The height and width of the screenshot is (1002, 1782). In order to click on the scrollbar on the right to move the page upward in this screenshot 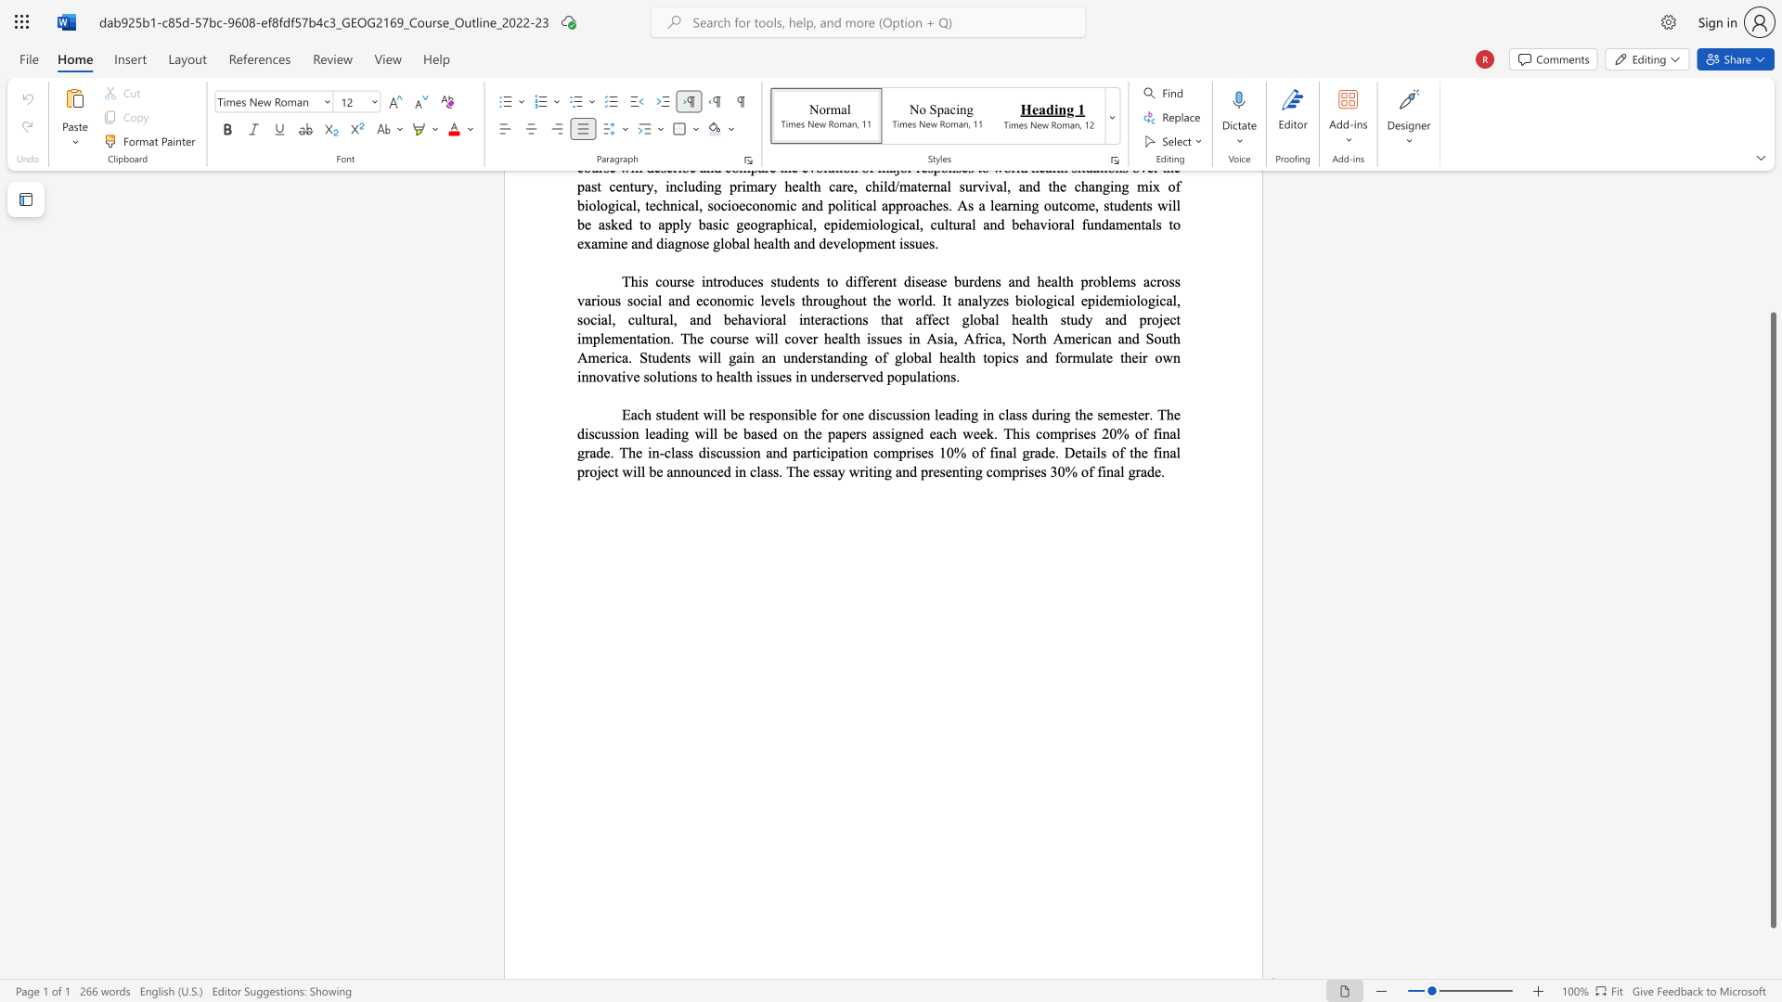, I will do `click(1772, 231)`.